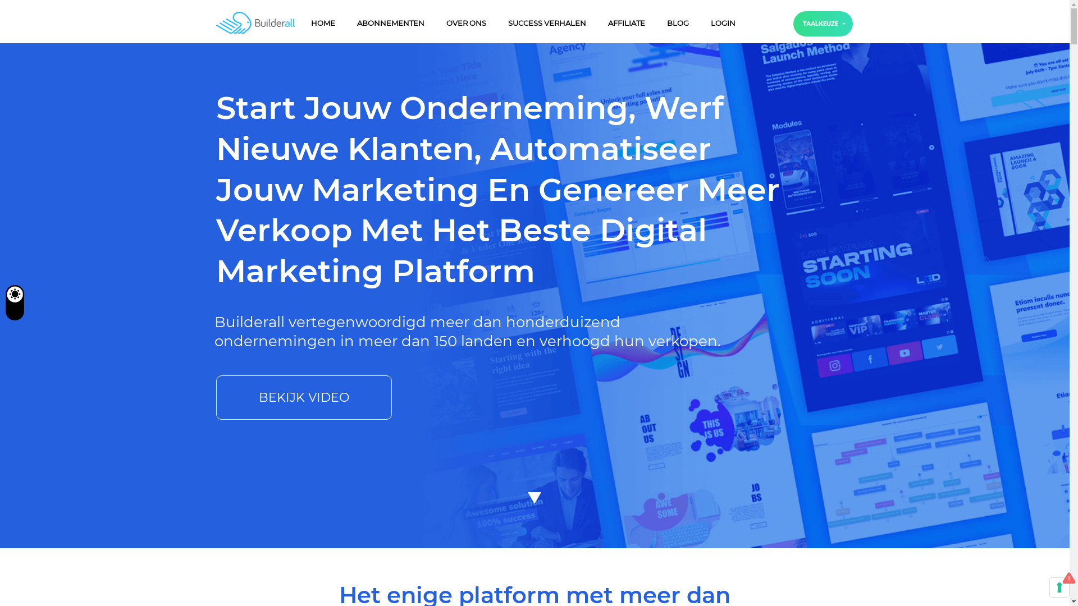 This screenshot has height=606, width=1078. What do you see at coordinates (600, 23) in the screenshot?
I see `'AFFILIATE'` at bounding box center [600, 23].